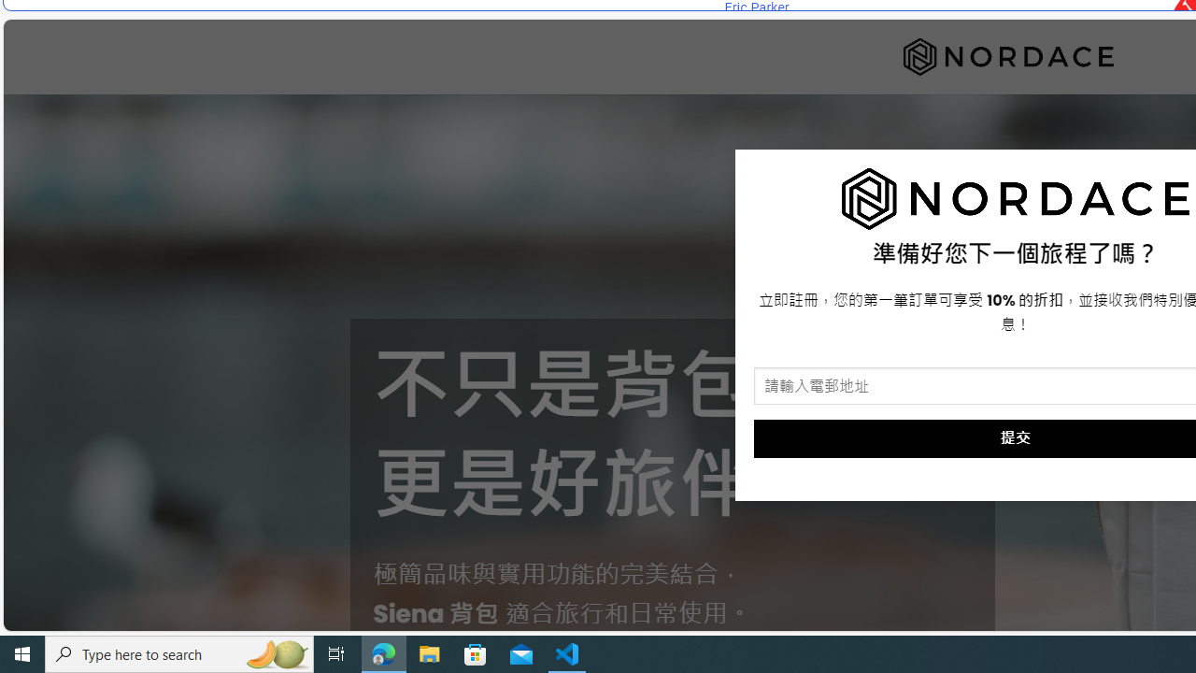 The image size is (1196, 673). I want to click on 'To get missing image descriptions, open the context menu.', so click(1015, 199).